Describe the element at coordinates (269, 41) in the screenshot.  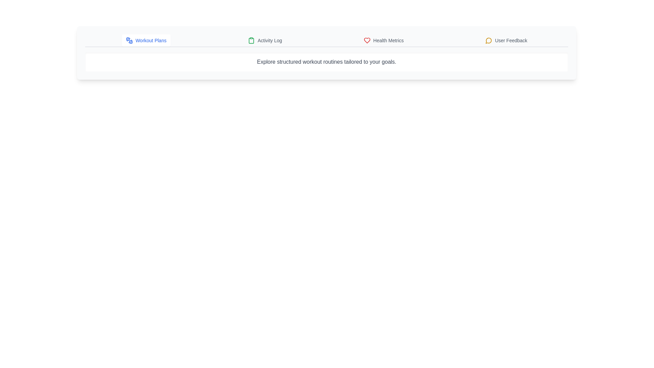
I see `the 'Activity Log' text label in the top navigation bar` at that location.